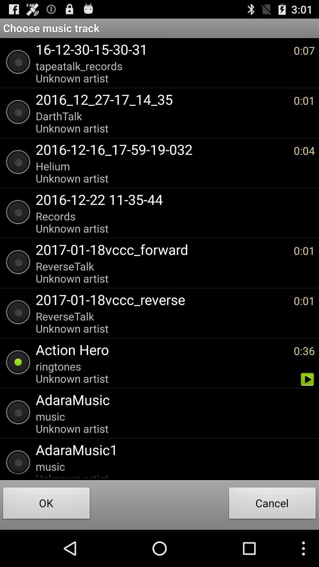  I want to click on cancel item, so click(272, 504).